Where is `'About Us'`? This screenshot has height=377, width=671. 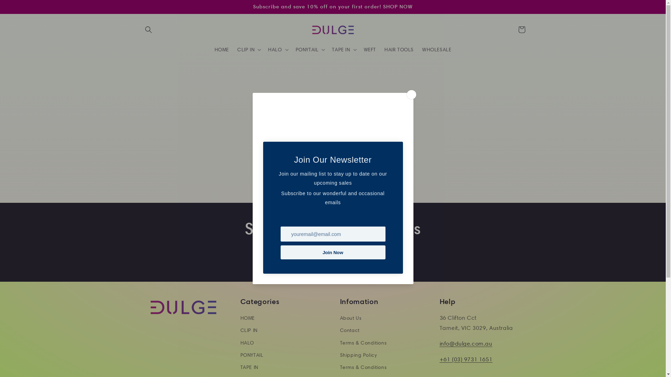
'About Us' is located at coordinates (351, 319).